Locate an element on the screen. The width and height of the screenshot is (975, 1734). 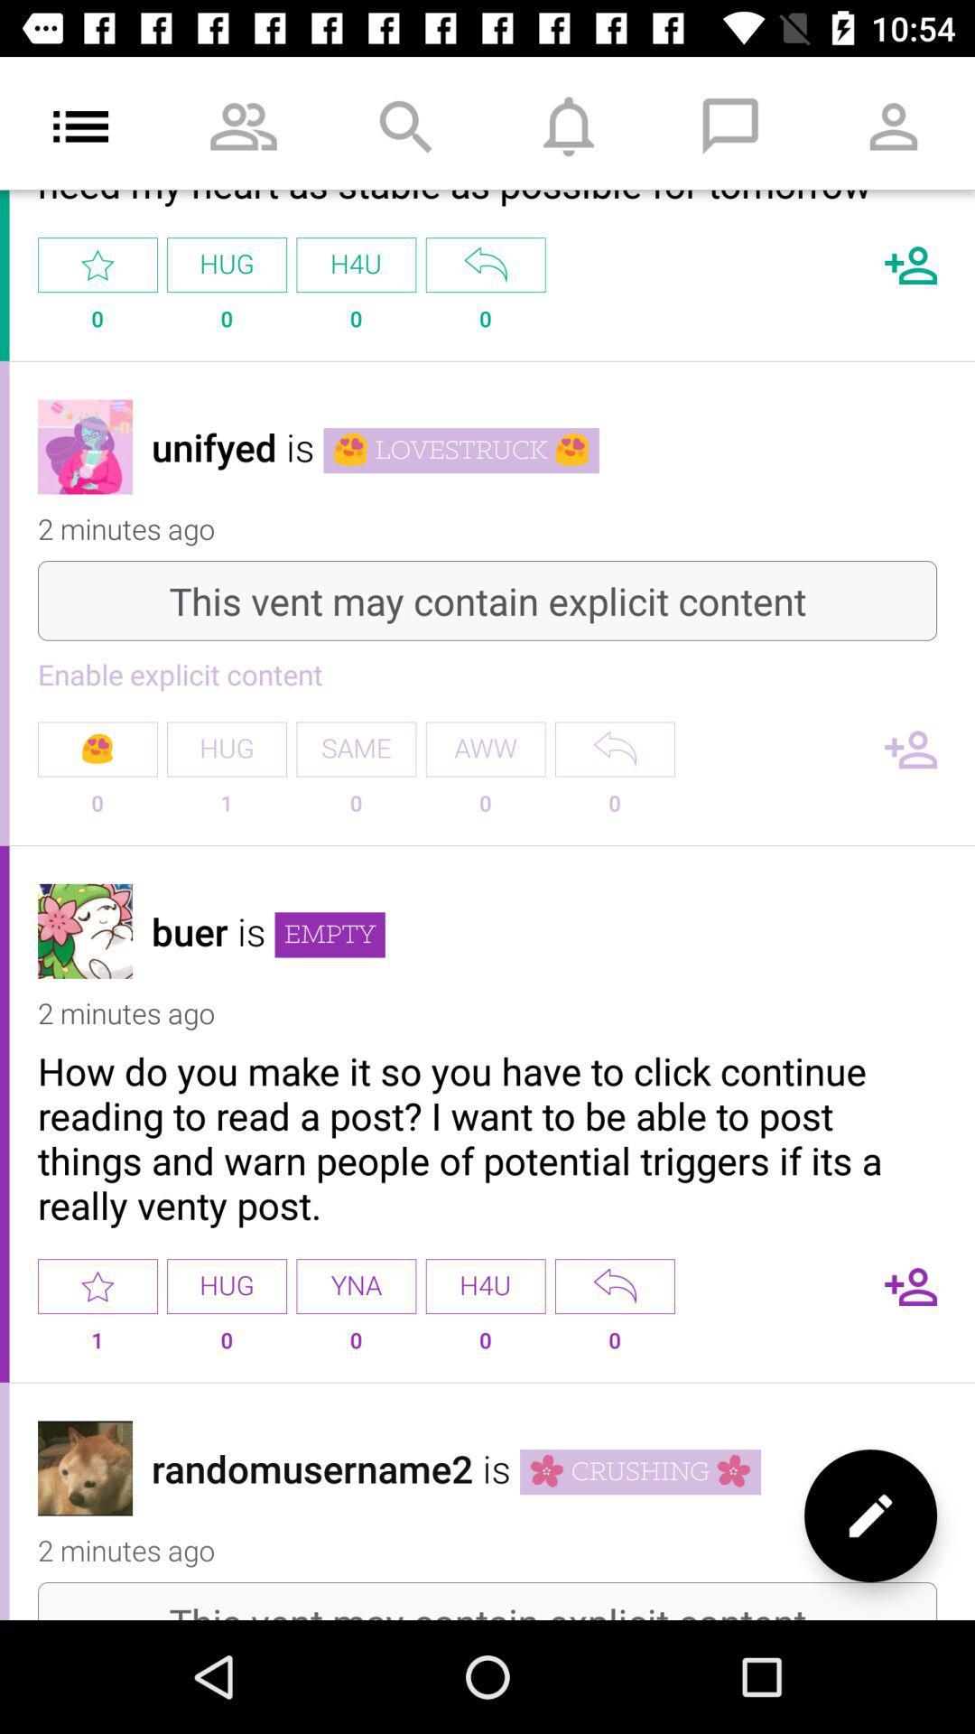
the 0 in the enable explicit content is located at coordinates (97, 809).